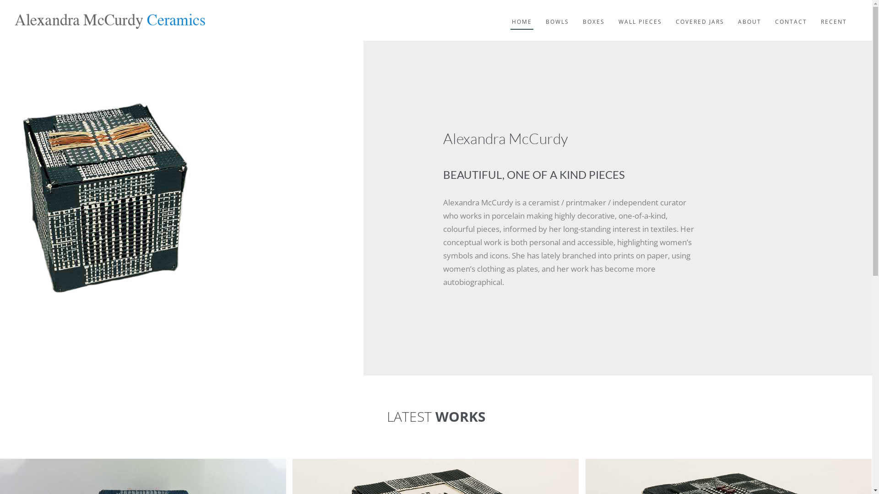 The height and width of the screenshot is (494, 879). What do you see at coordinates (557, 15) in the screenshot?
I see `'BOWLS'` at bounding box center [557, 15].